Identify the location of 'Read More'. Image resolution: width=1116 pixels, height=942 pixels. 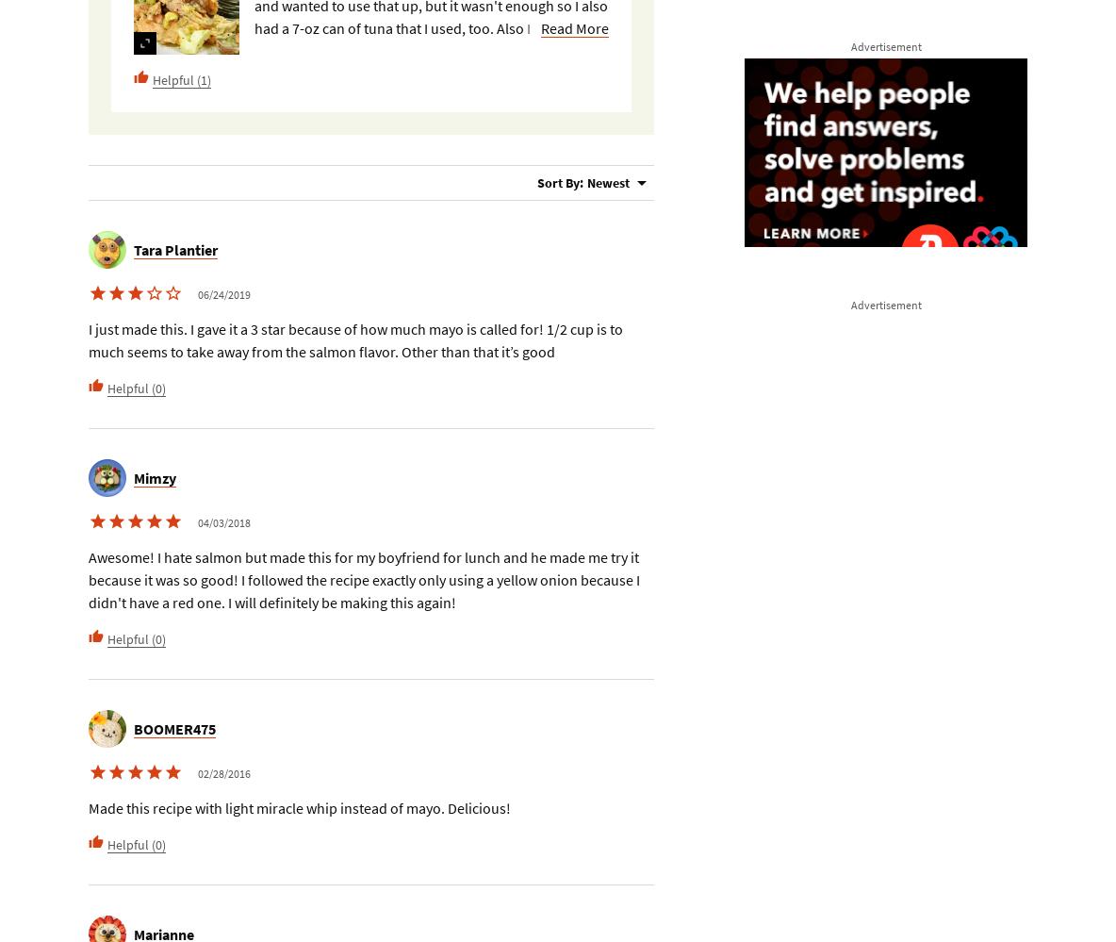
(573, 27).